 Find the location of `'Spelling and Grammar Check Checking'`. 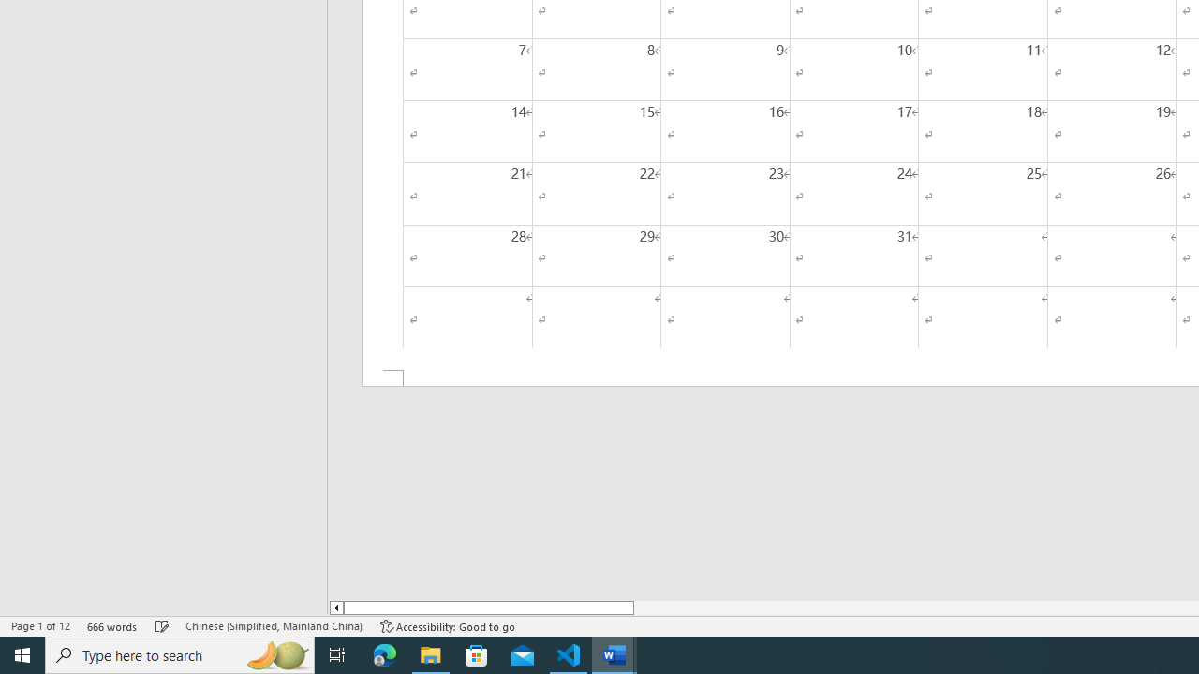

'Spelling and Grammar Check Checking' is located at coordinates (162, 626).